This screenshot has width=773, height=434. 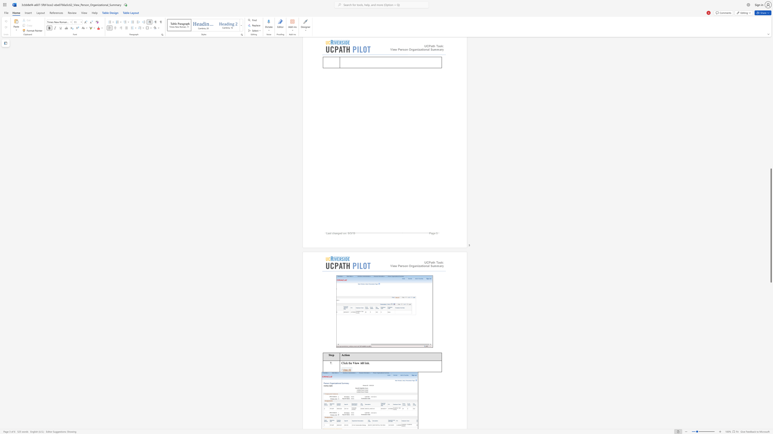 What do you see at coordinates (351, 363) in the screenshot?
I see `the 1th character "e" in the text` at bounding box center [351, 363].